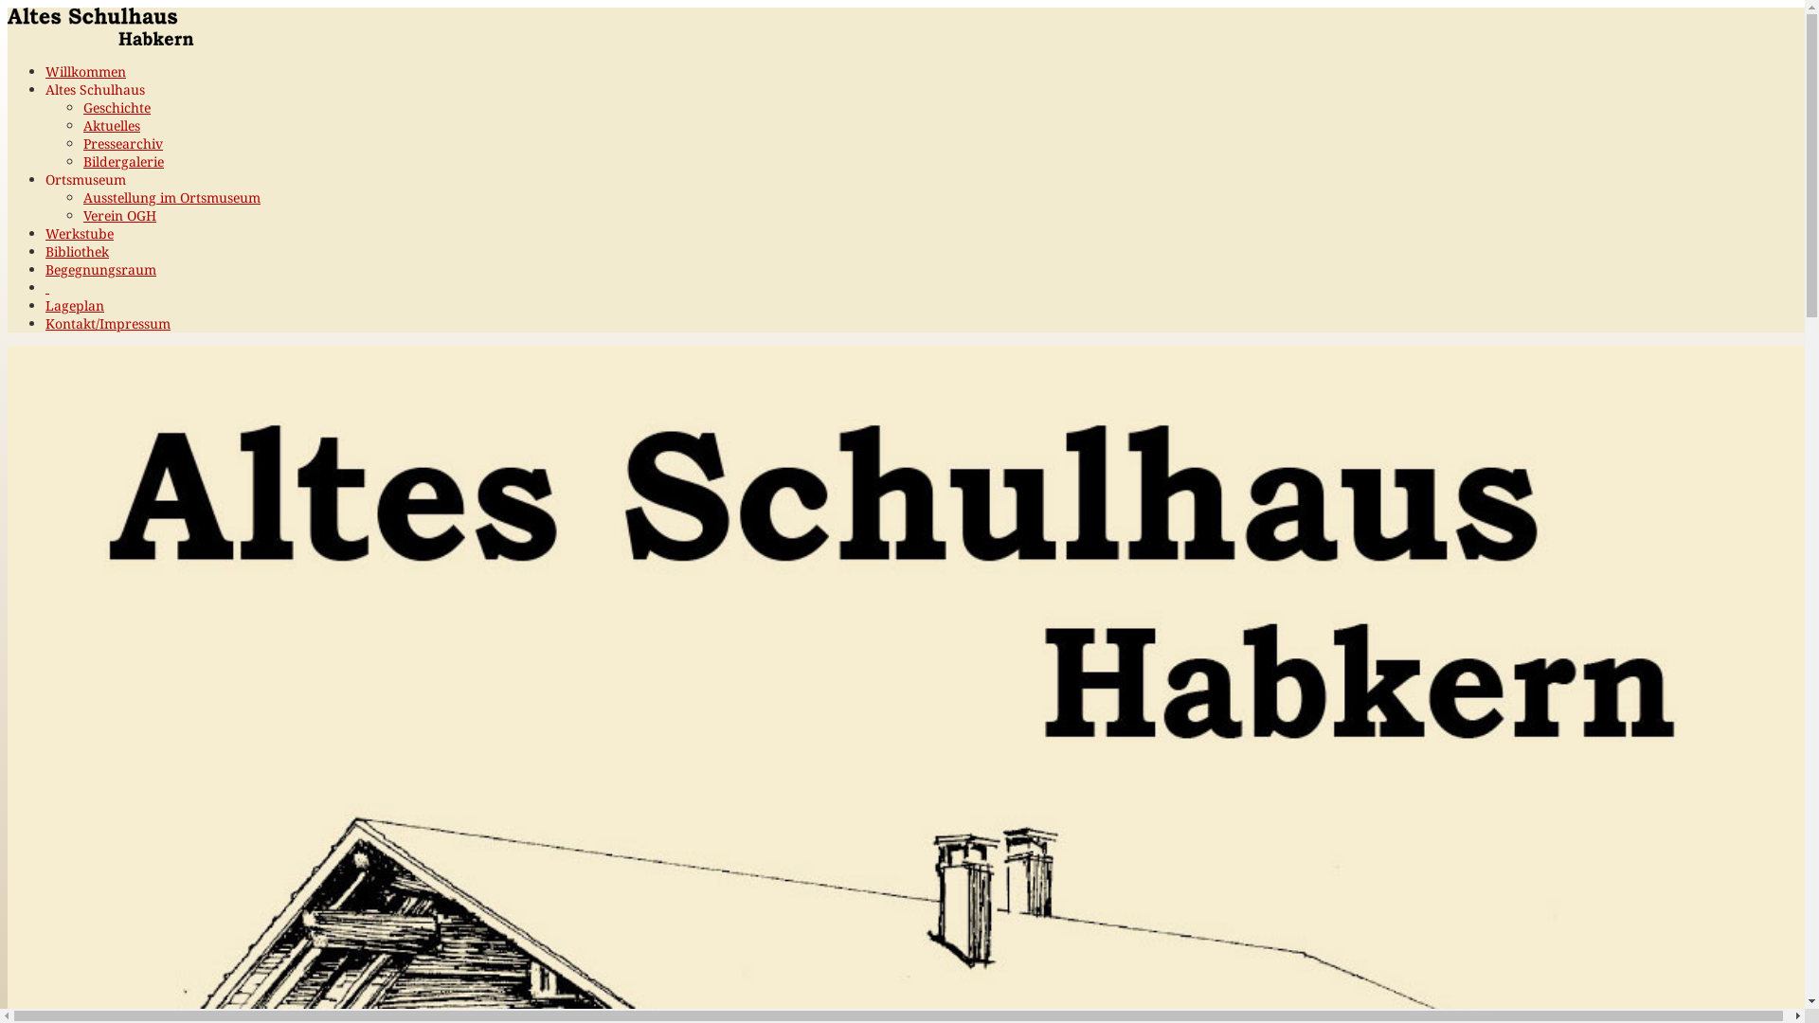 The width and height of the screenshot is (1819, 1023). I want to click on 'Ortsmuseum', so click(45, 179).